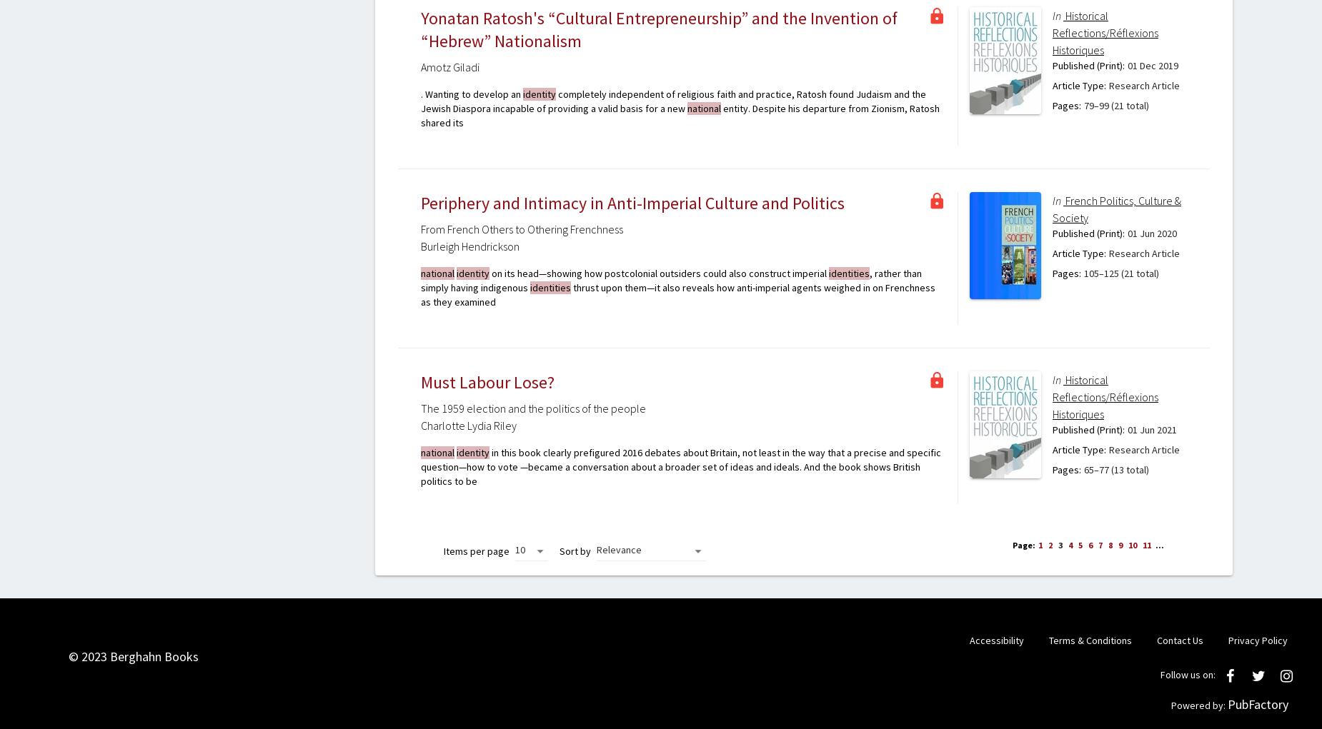  Describe the element at coordinates (659, 273) in the screenshot. I see `'on its head—showing how postcolonial outsiders could also construct imperial'` at that location.